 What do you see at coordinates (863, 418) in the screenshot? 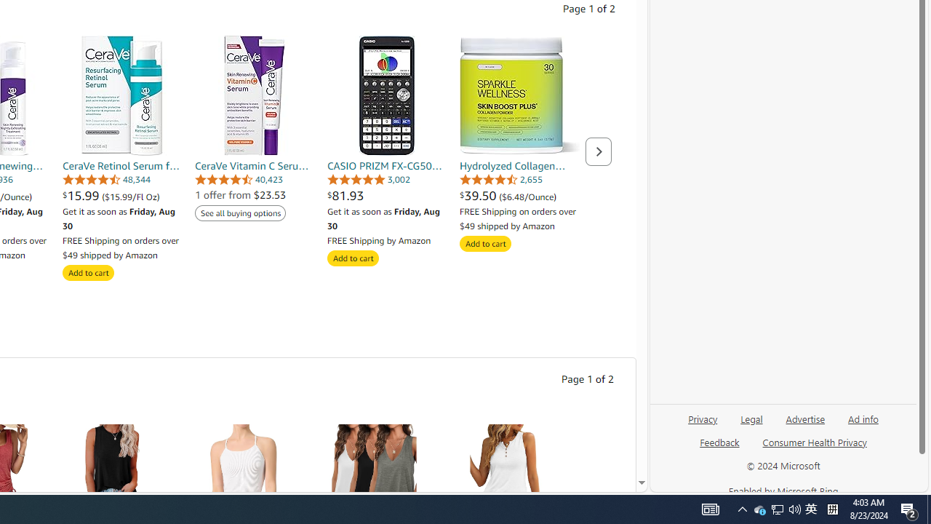
I see `'Ad info'` at bounding box center [863, 418].